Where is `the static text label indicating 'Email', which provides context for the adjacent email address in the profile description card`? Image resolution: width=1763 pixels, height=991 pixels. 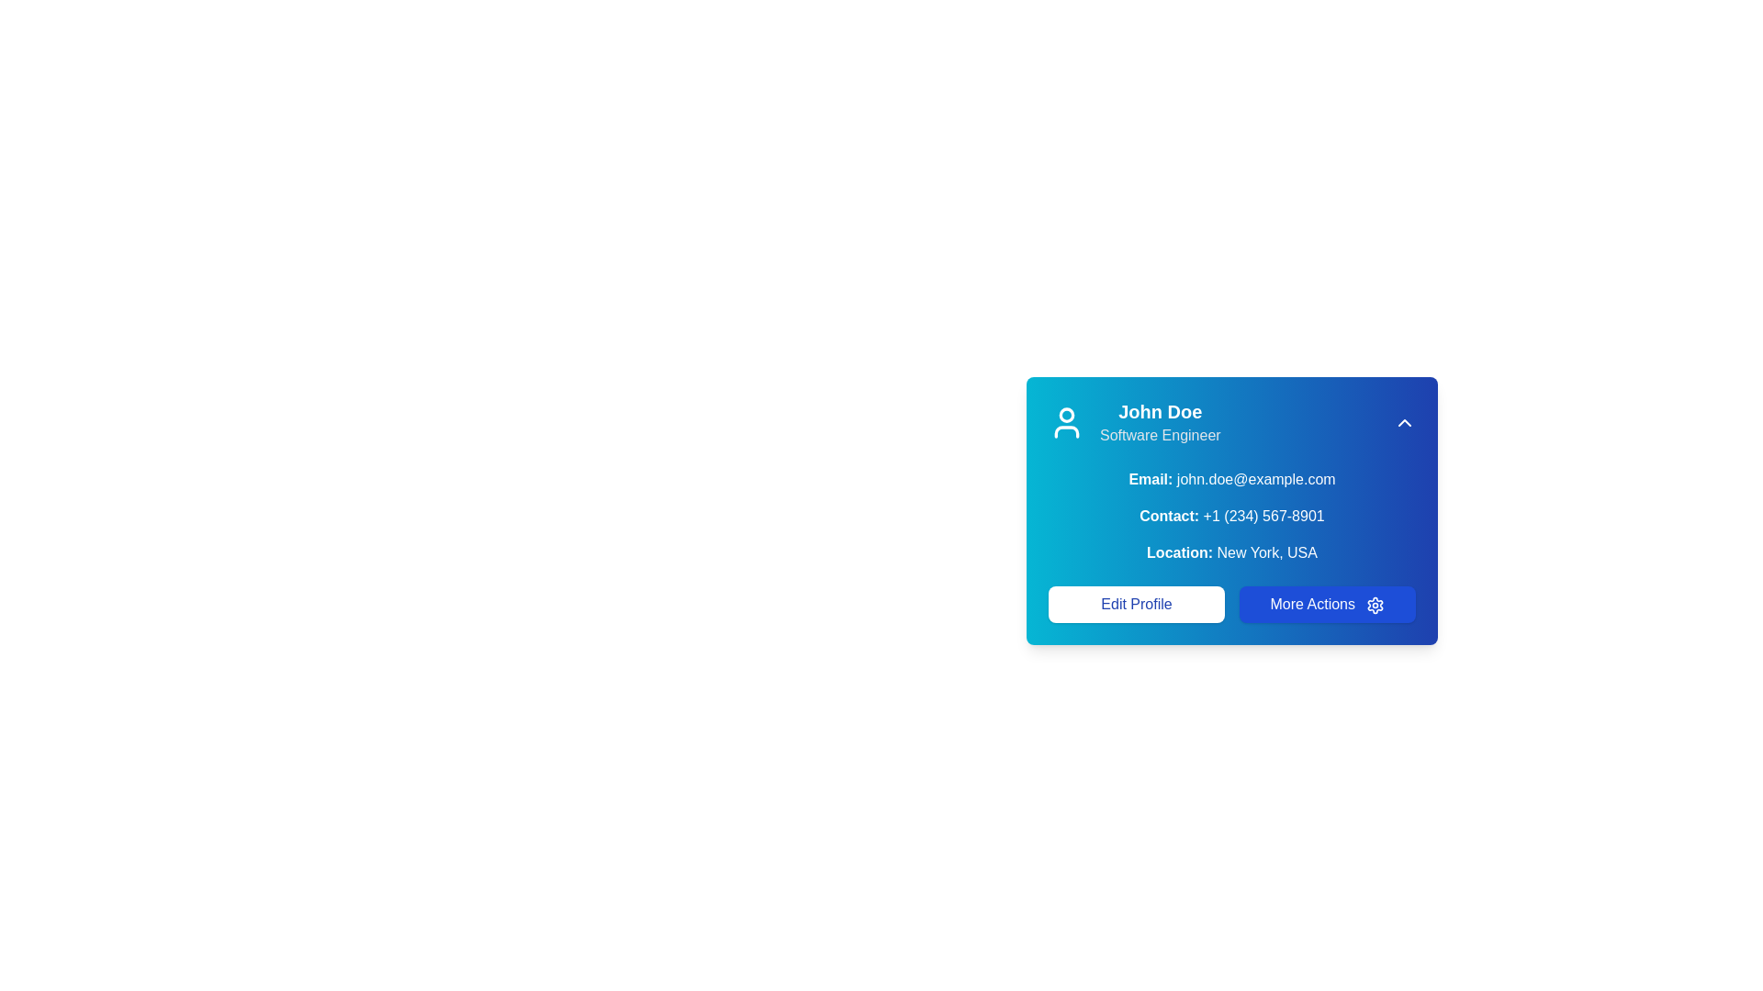
the static text label indicating 'Email', which provides context for the adjacent email address in the profile description card is located at coordinates (1150, 478).